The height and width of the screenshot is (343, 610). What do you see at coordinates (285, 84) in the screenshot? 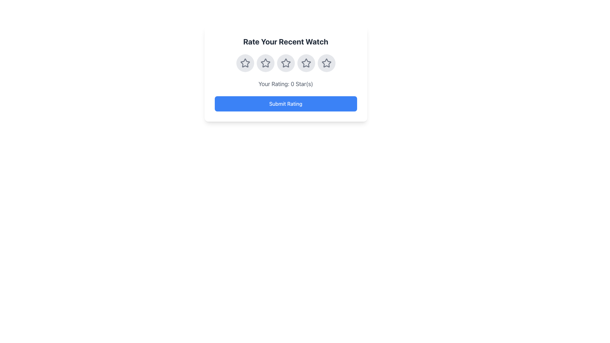
I see `the text label displaying 'Your Rating: 0 Star(s)', which is positioned below the star icons and above the 'Submit Rating' button` at bounding box center [285, 84].